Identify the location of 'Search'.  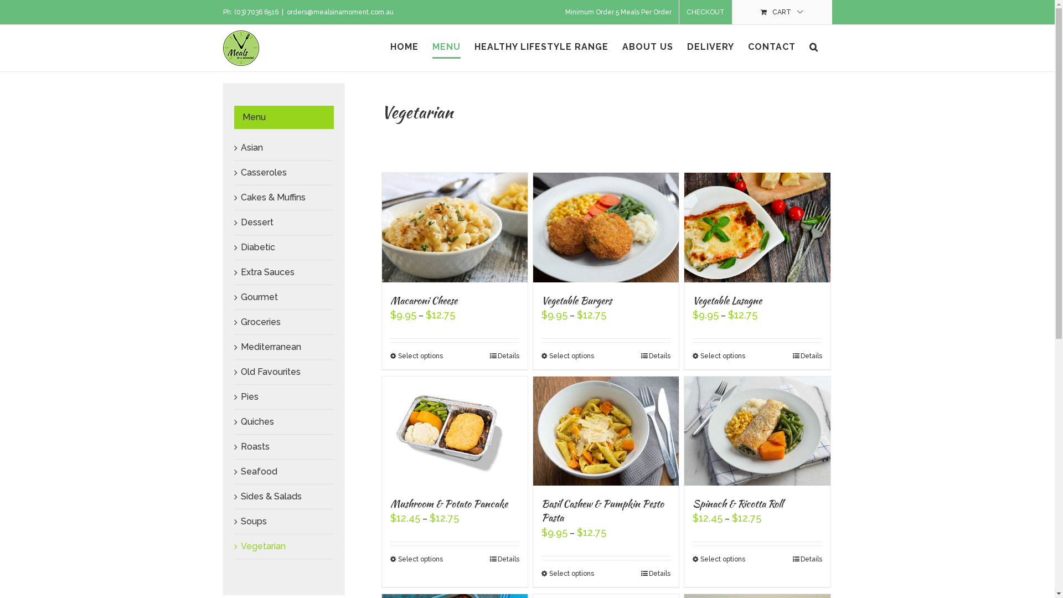
(813, 46).